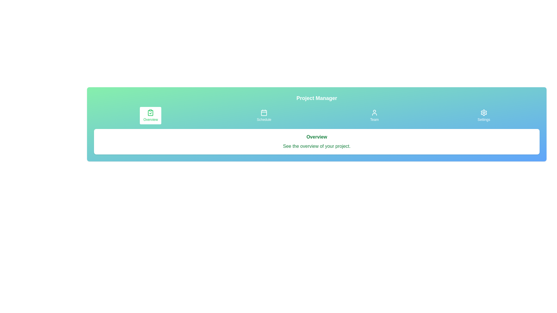  What do you see at coordinates (151, 113) in the screenshot?
I see `the 'Overview' section indicator icon located in the top left quadrant of the interface` at bounding box center [151, 113].